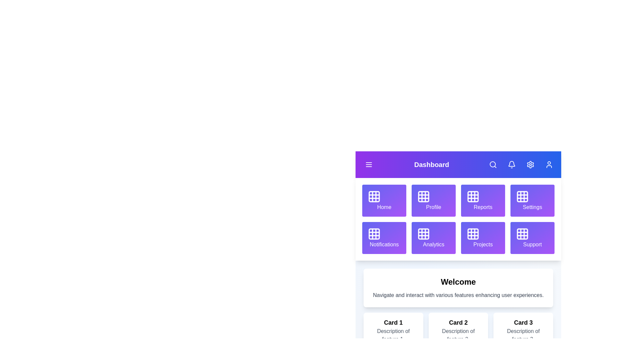 The width and height of the screenshot is (641, 360). Describe the element at coordinates (483, 237) in the screenshot. I see `the grid item labeled Projects to navigate to its section` at that location.